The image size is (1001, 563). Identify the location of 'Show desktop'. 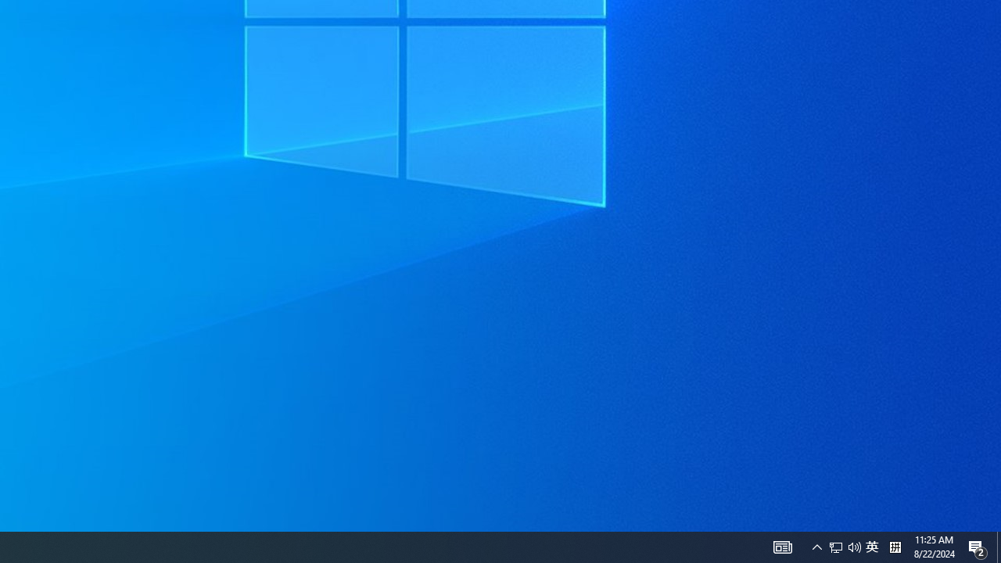
(998, 546).